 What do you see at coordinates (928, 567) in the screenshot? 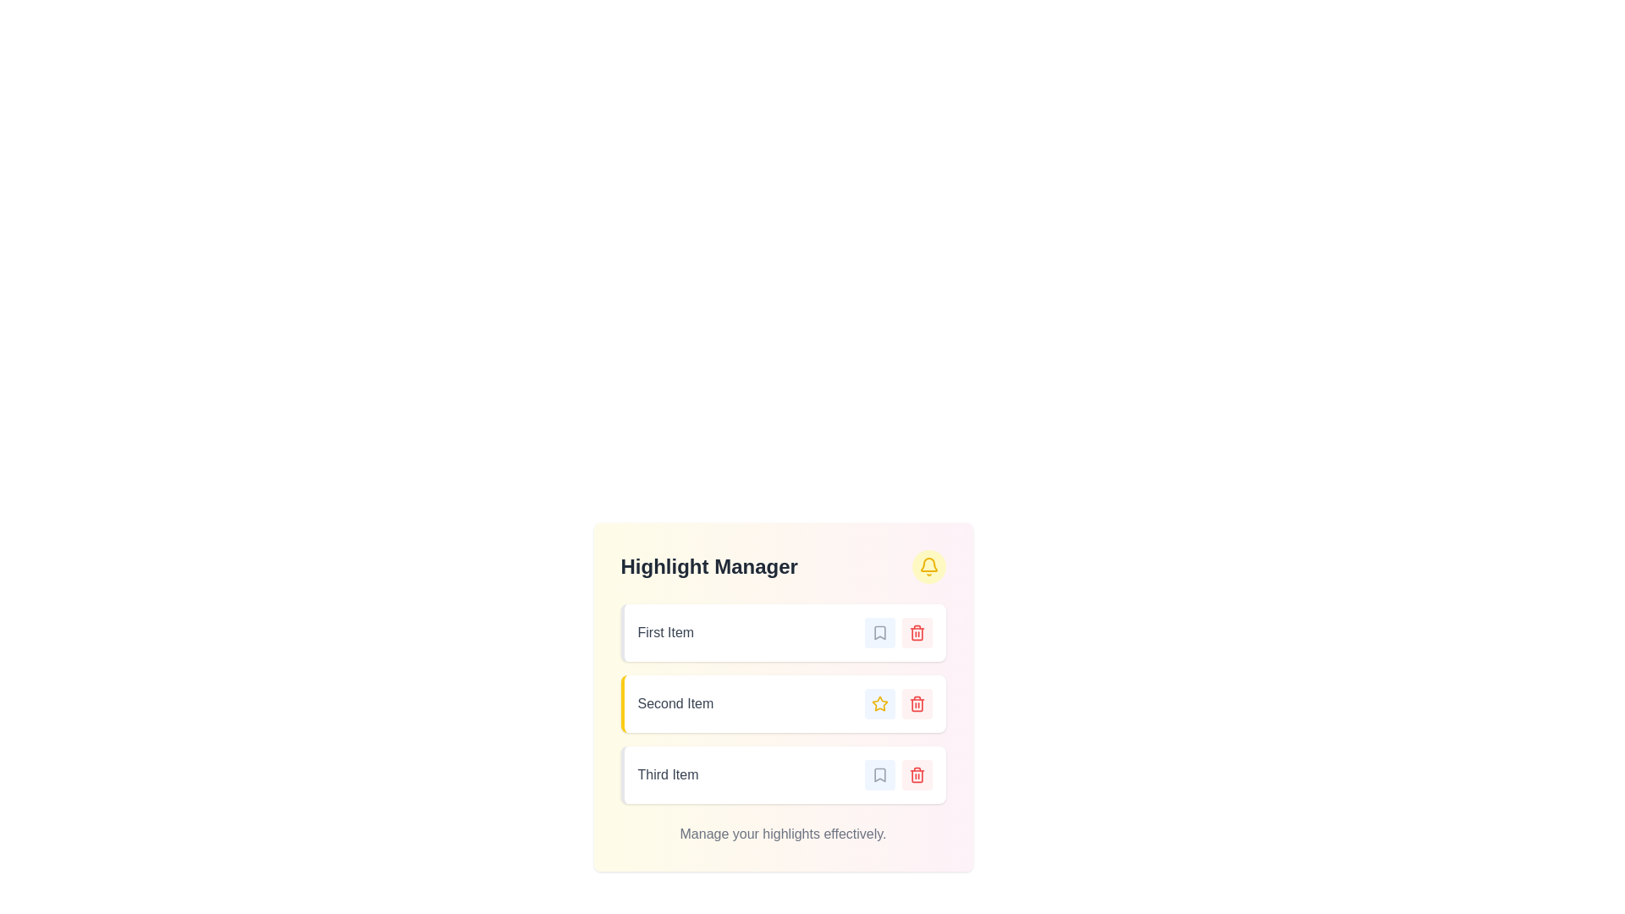
I see `the yellow bell icon located in the top-right corner of the 'Highlight Manager' card` at bounding box center [928, 567].